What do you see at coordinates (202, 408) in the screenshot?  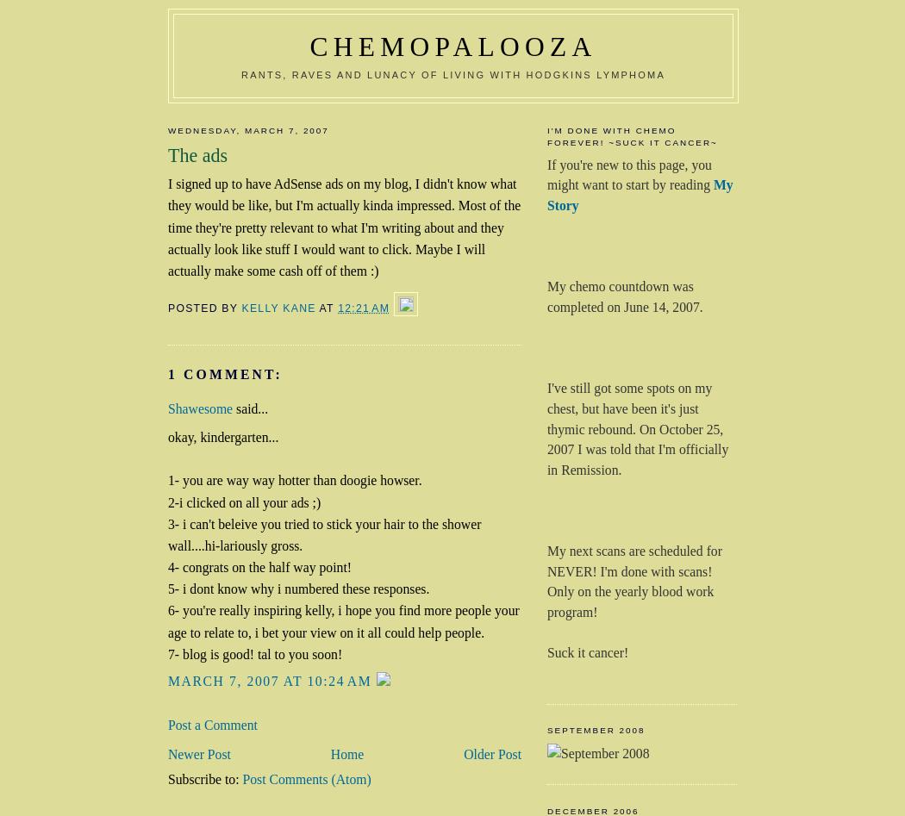 I see `'Shawesome'` at bounding box center [202, 408].